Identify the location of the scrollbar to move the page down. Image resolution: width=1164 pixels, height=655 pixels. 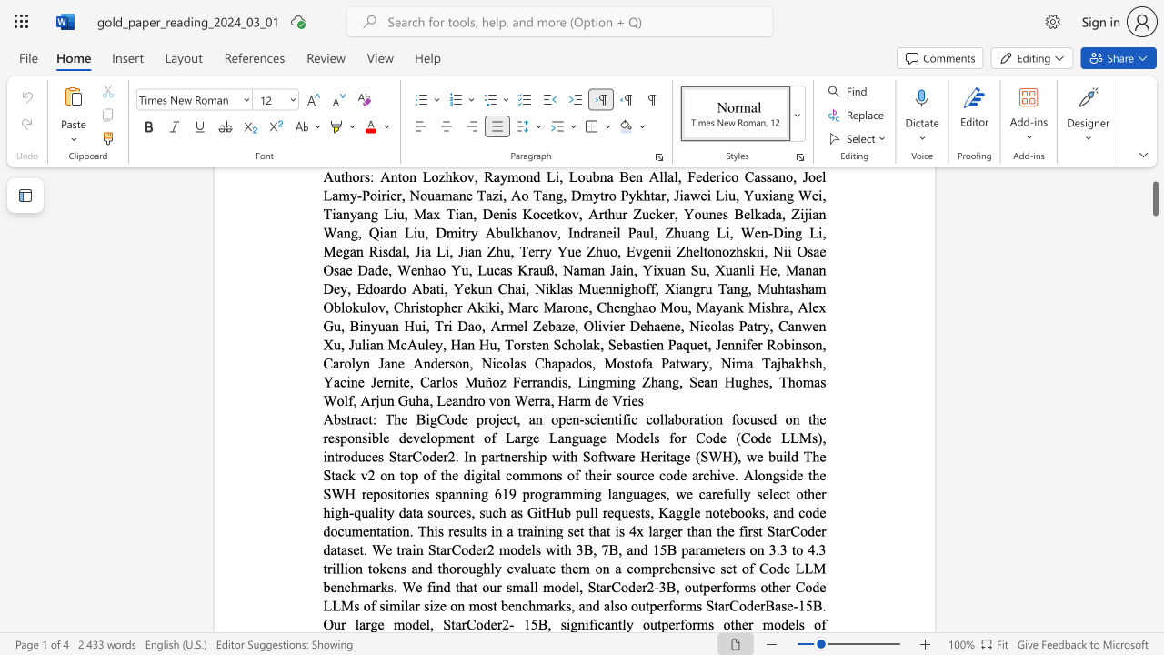
(1154, 398).